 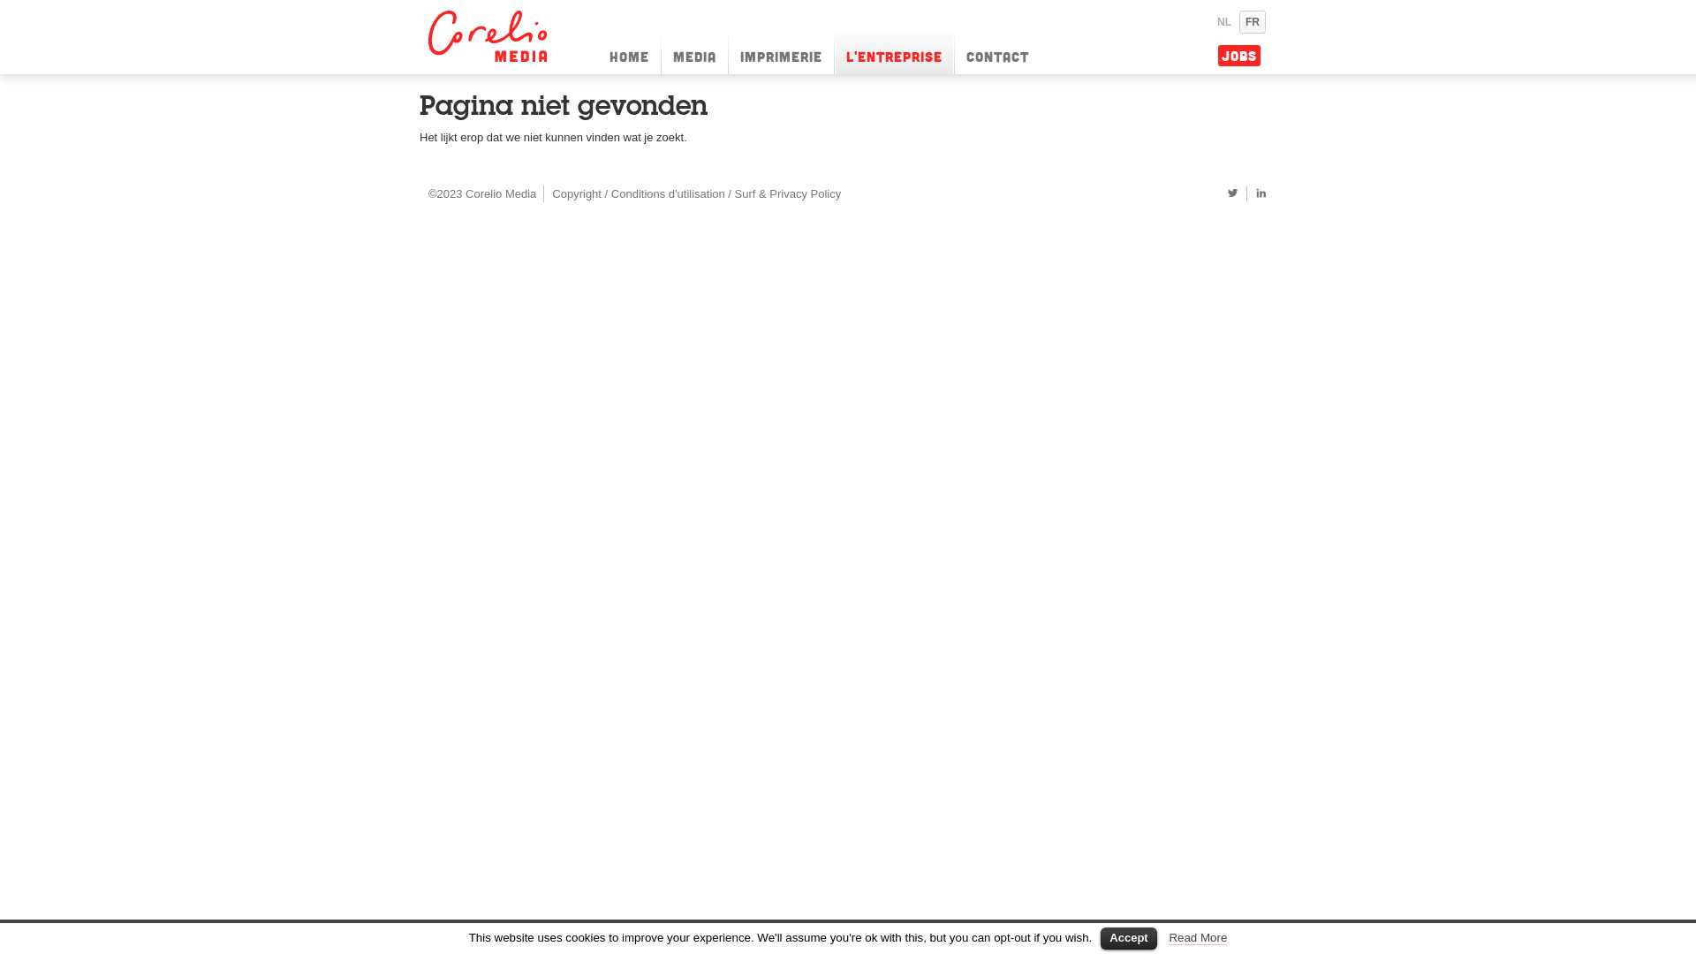 What do you see at coordinates (894, 50) in the screenshot?
I see `'L'ENTREPRISE'` at bounding box center [894, 50].